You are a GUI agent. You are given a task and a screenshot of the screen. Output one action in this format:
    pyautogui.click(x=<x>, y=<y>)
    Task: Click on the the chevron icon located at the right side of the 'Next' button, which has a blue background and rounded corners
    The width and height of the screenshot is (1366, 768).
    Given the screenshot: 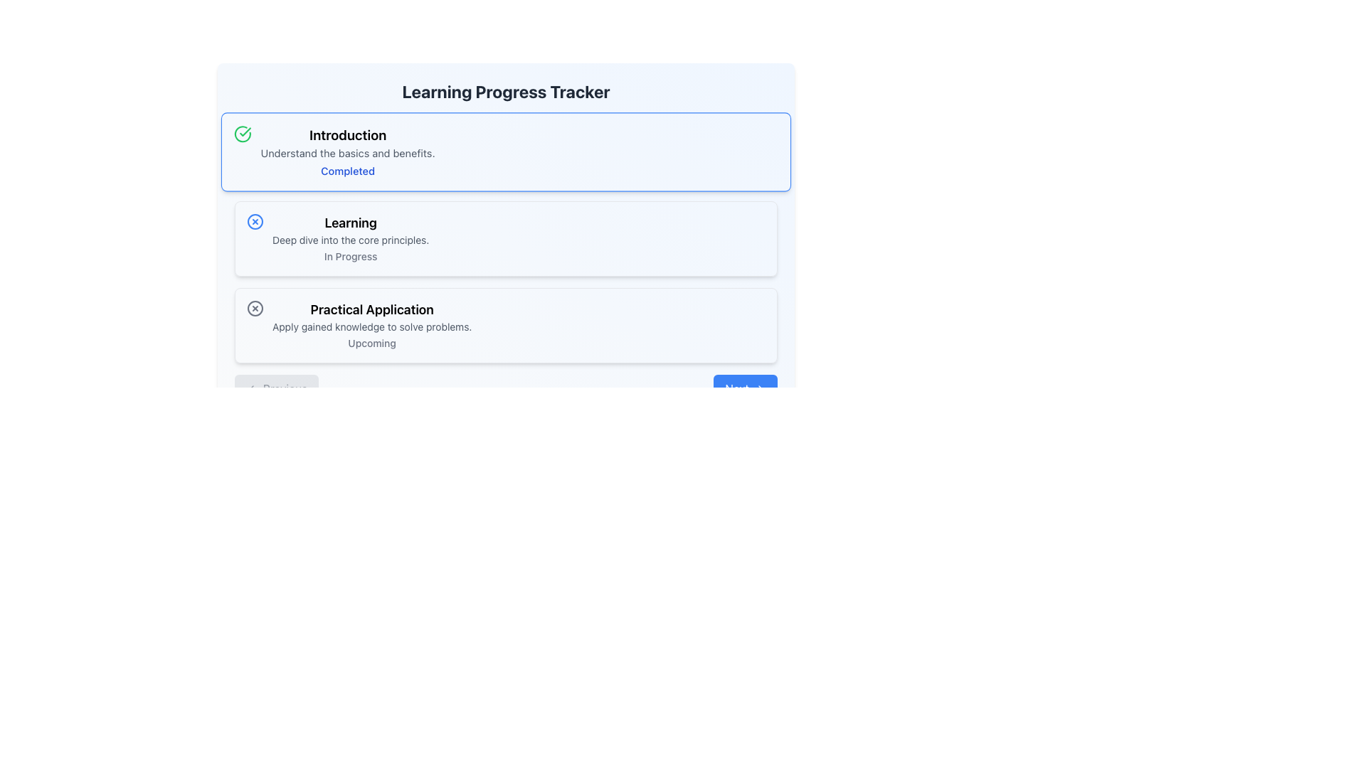 What is the action you would take?
    pyautogui.click(x=760, y=389)
    